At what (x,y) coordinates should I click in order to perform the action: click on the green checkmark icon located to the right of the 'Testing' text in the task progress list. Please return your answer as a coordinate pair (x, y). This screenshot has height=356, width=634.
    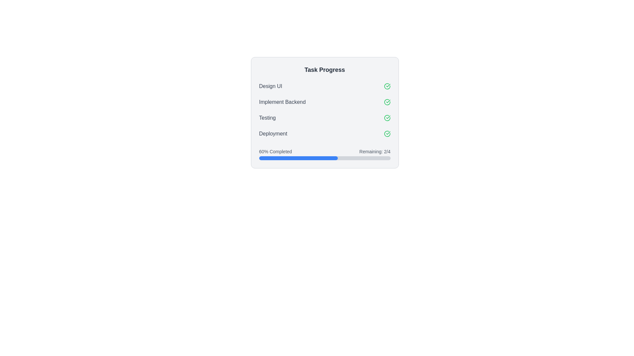
    Looking at the image, I should click on (387, 118).